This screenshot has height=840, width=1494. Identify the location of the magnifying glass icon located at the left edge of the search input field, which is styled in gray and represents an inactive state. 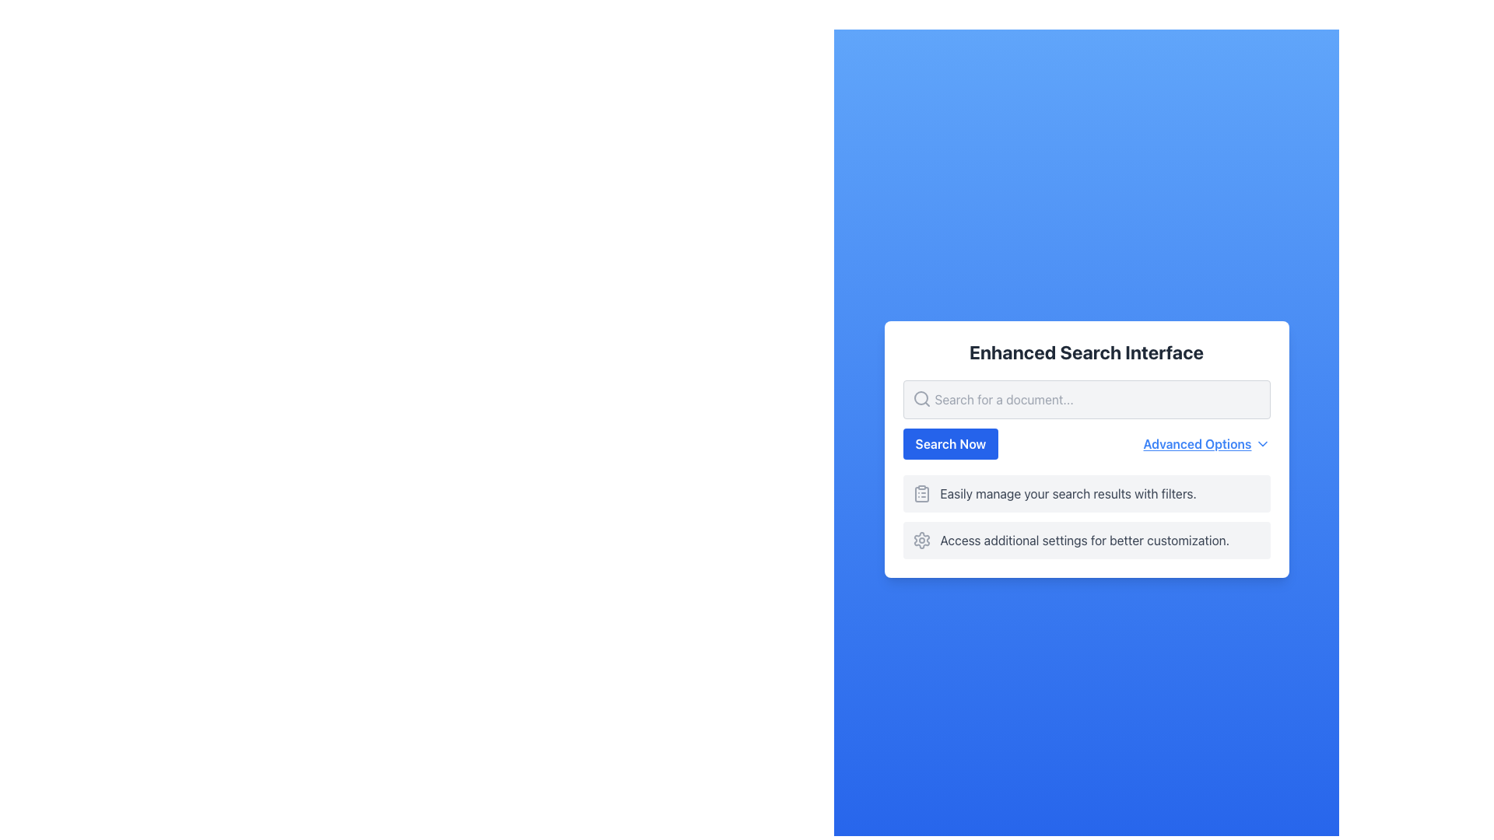
(921, 398).